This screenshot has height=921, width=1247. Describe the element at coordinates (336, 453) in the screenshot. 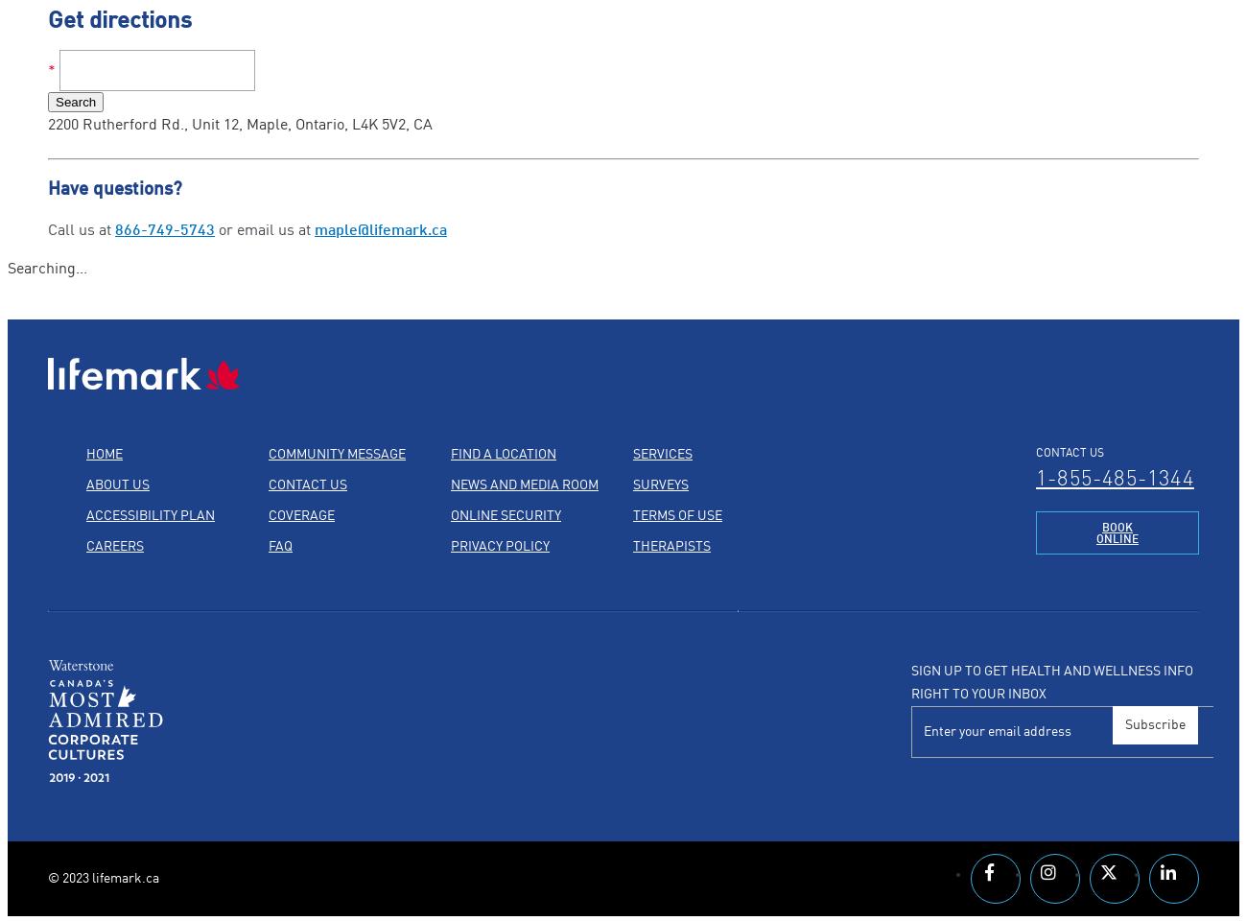

I see `'Community Message'` at that location.